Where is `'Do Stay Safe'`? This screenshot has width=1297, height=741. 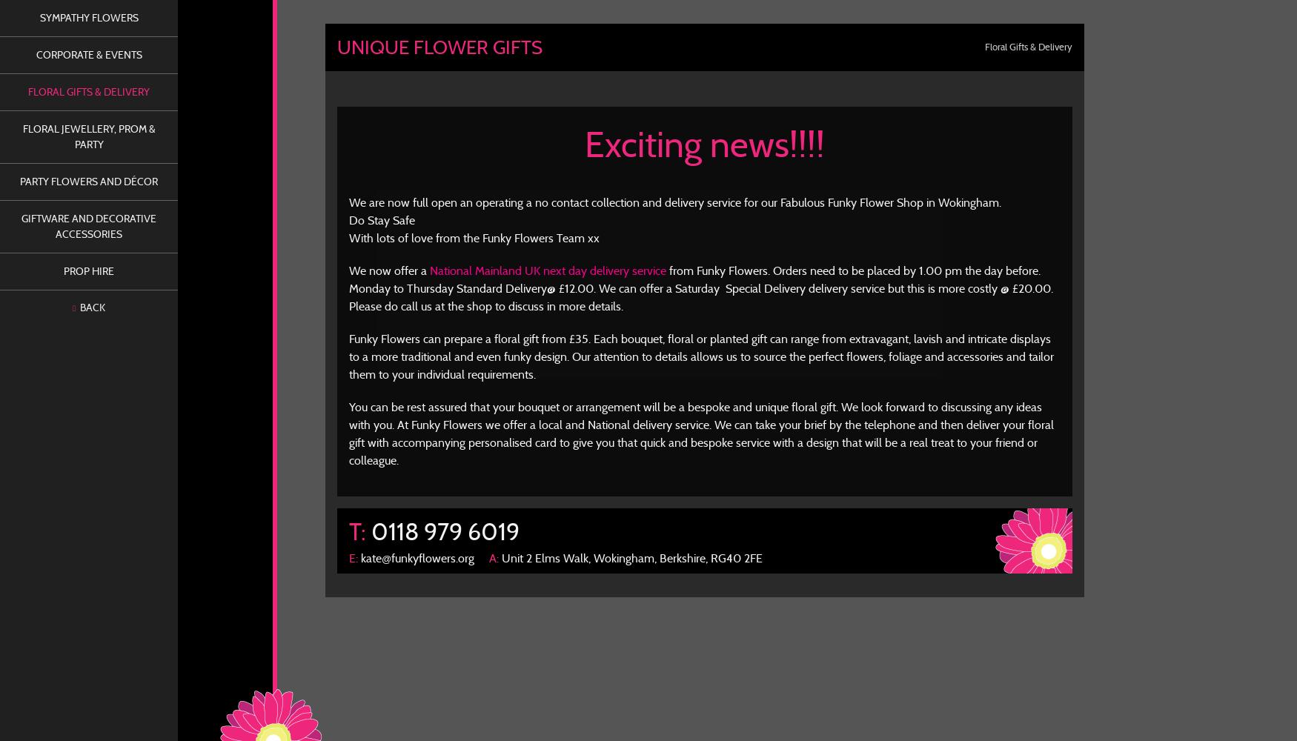
'Do Stay Safe' is located at coordinates (348, 220).